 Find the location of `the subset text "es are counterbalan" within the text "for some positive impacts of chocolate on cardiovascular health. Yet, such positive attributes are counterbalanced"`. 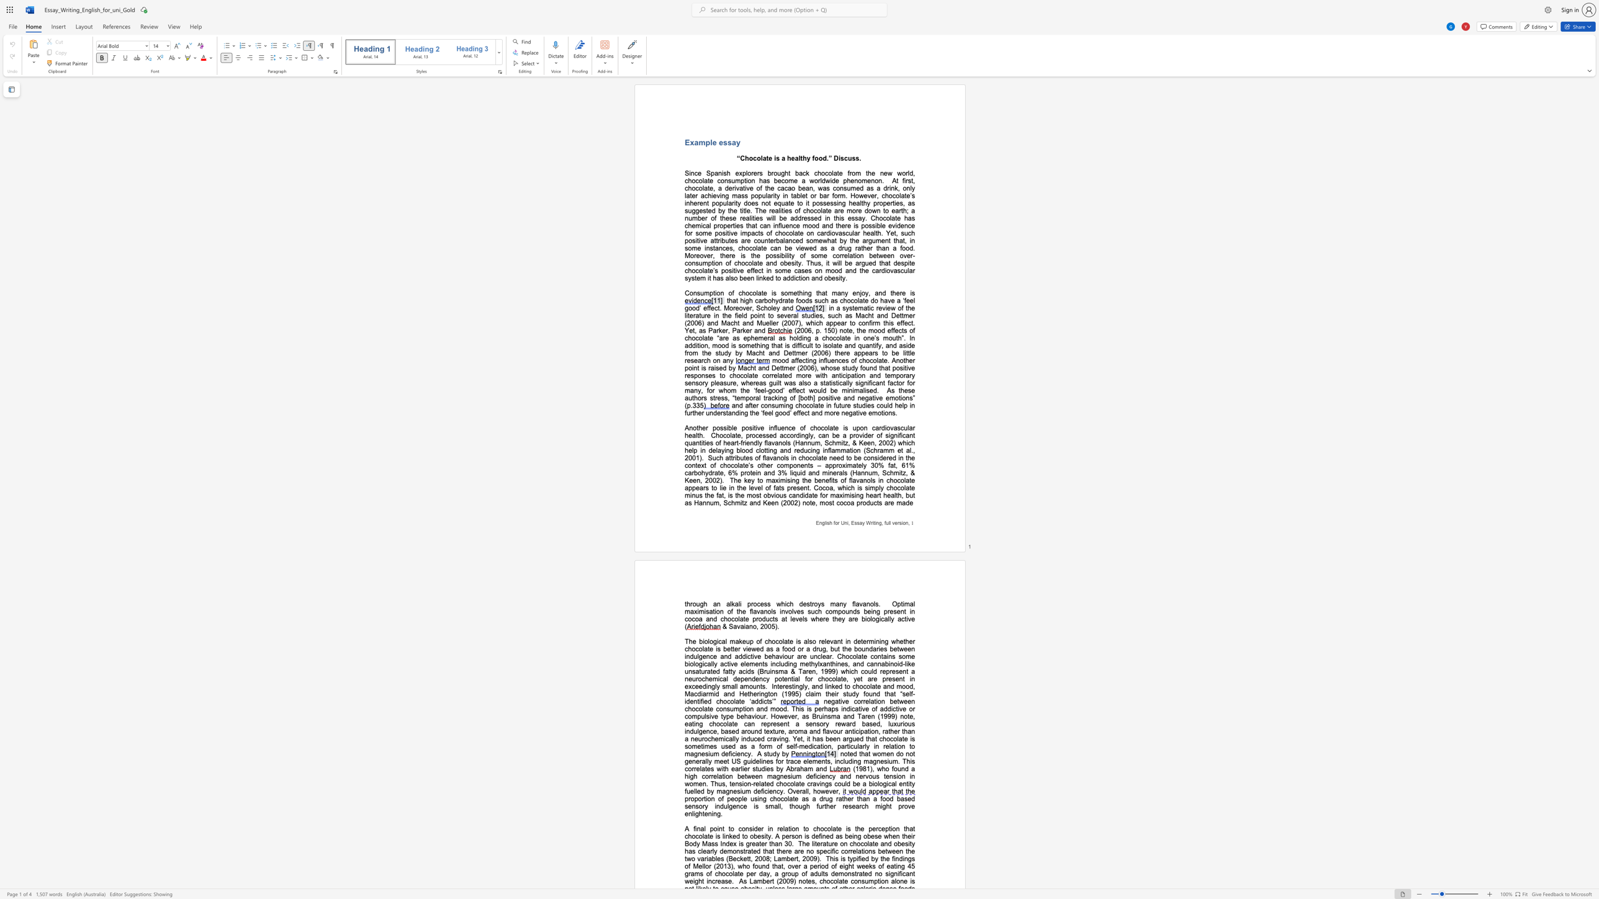

the subset text "es are counterbalan" within the text "for some positive impacts of chocolate on cardiovascular health. Yet, such positive attributes are counterbalanced" is located at coordinates (730, 240).